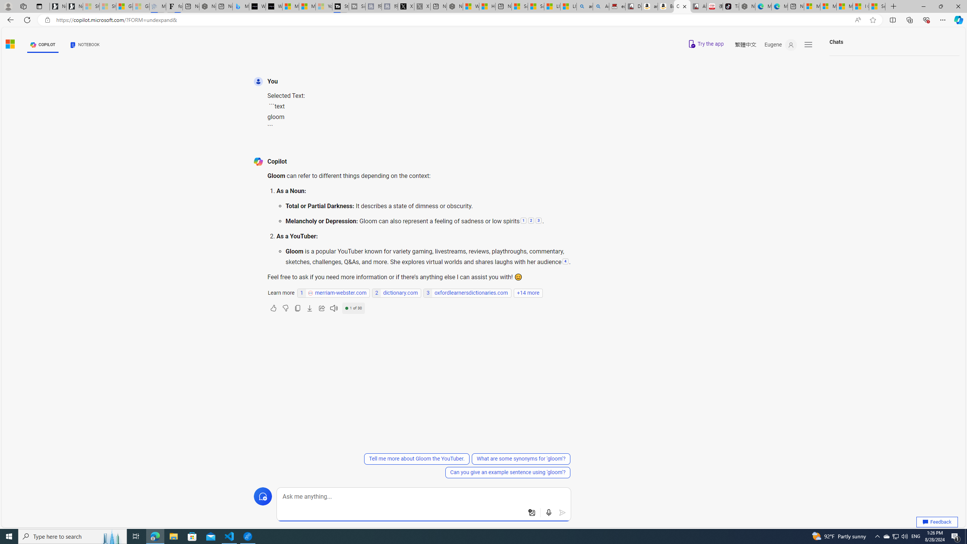 The height and width of the screenshot is (544, 967). I want to click on 'Microsoft Bing Travel - Shangri-La Hotel Bangkok', so click(240, 6).